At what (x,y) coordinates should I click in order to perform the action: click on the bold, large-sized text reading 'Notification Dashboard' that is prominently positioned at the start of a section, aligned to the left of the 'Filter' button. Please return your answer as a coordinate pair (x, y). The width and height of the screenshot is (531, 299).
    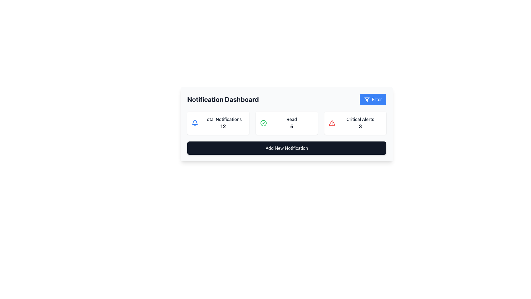
    Looking at the image, I should click on (223, 99).